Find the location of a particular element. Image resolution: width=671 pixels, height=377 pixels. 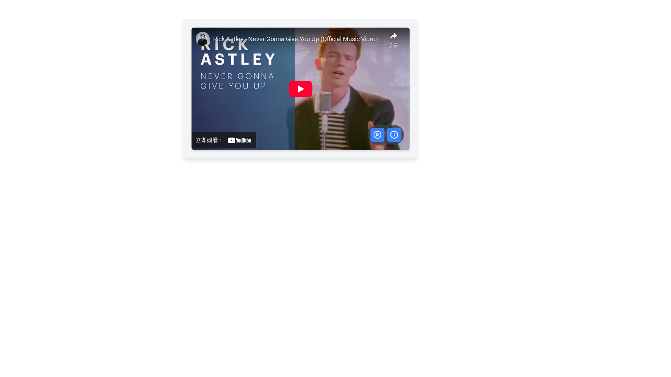

informational subtitle located beneath the heading 'Educational Video' in the center of the semi-transparent black modal is located at coordinates (300, 96).